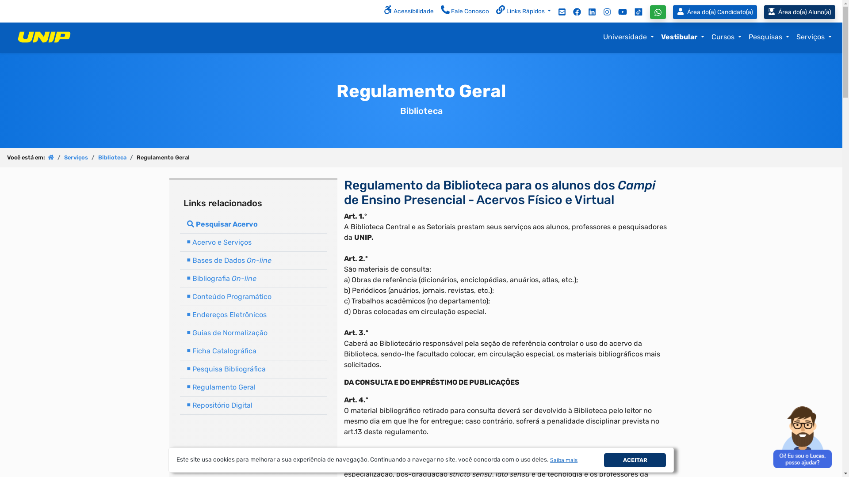 The width and height of the screenshot is (849, 477). I want to click on 'Saiba mais', so click(563, 459).